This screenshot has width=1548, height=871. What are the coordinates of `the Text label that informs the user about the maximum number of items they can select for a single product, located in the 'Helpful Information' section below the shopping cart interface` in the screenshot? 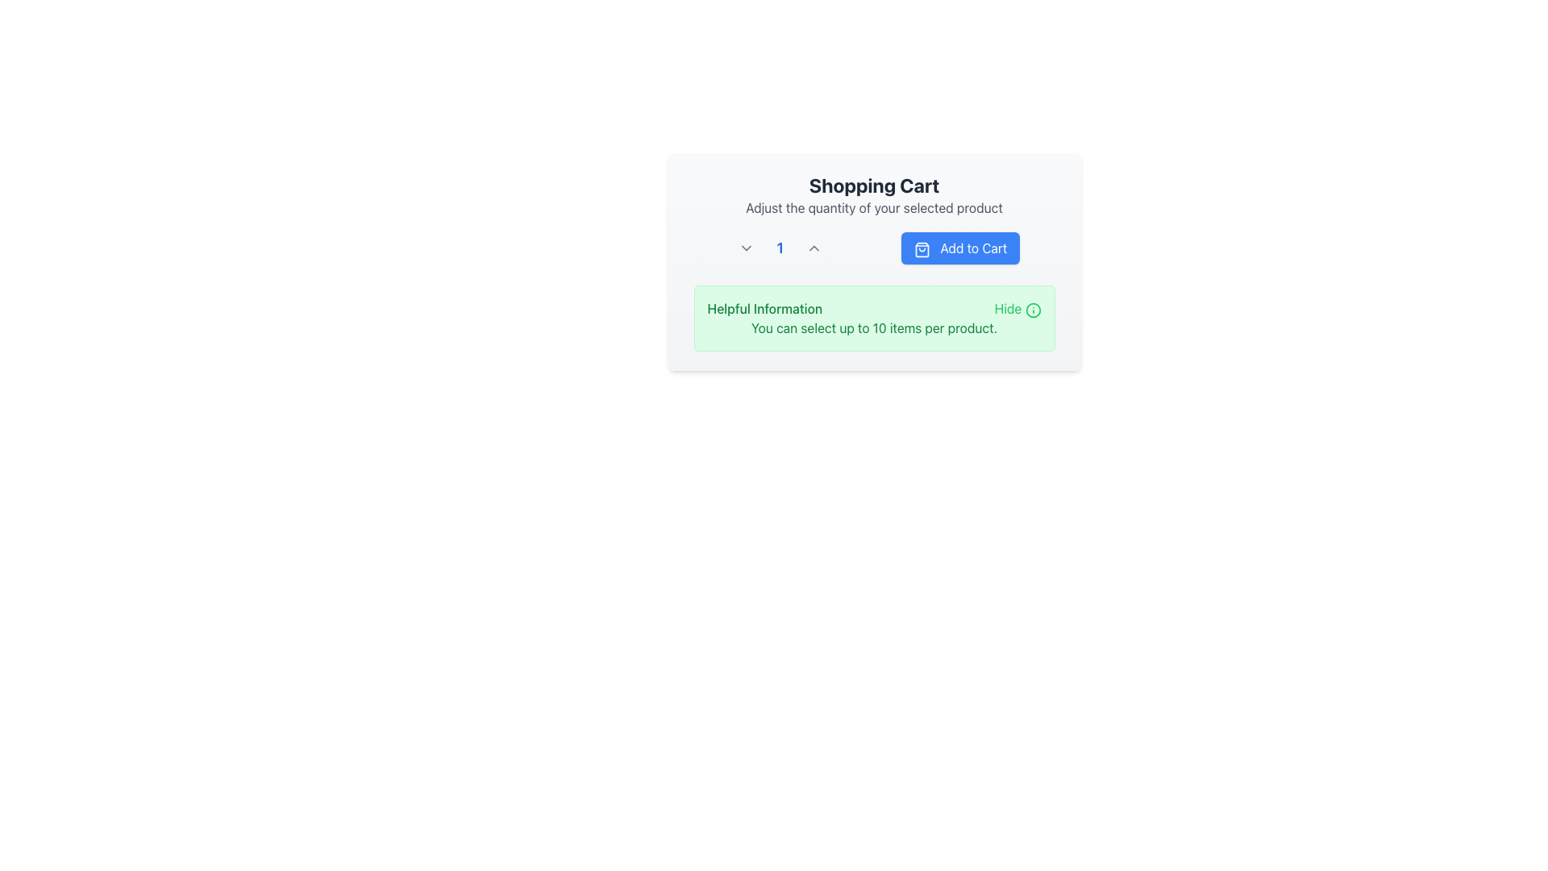 It's located at (873, 327).